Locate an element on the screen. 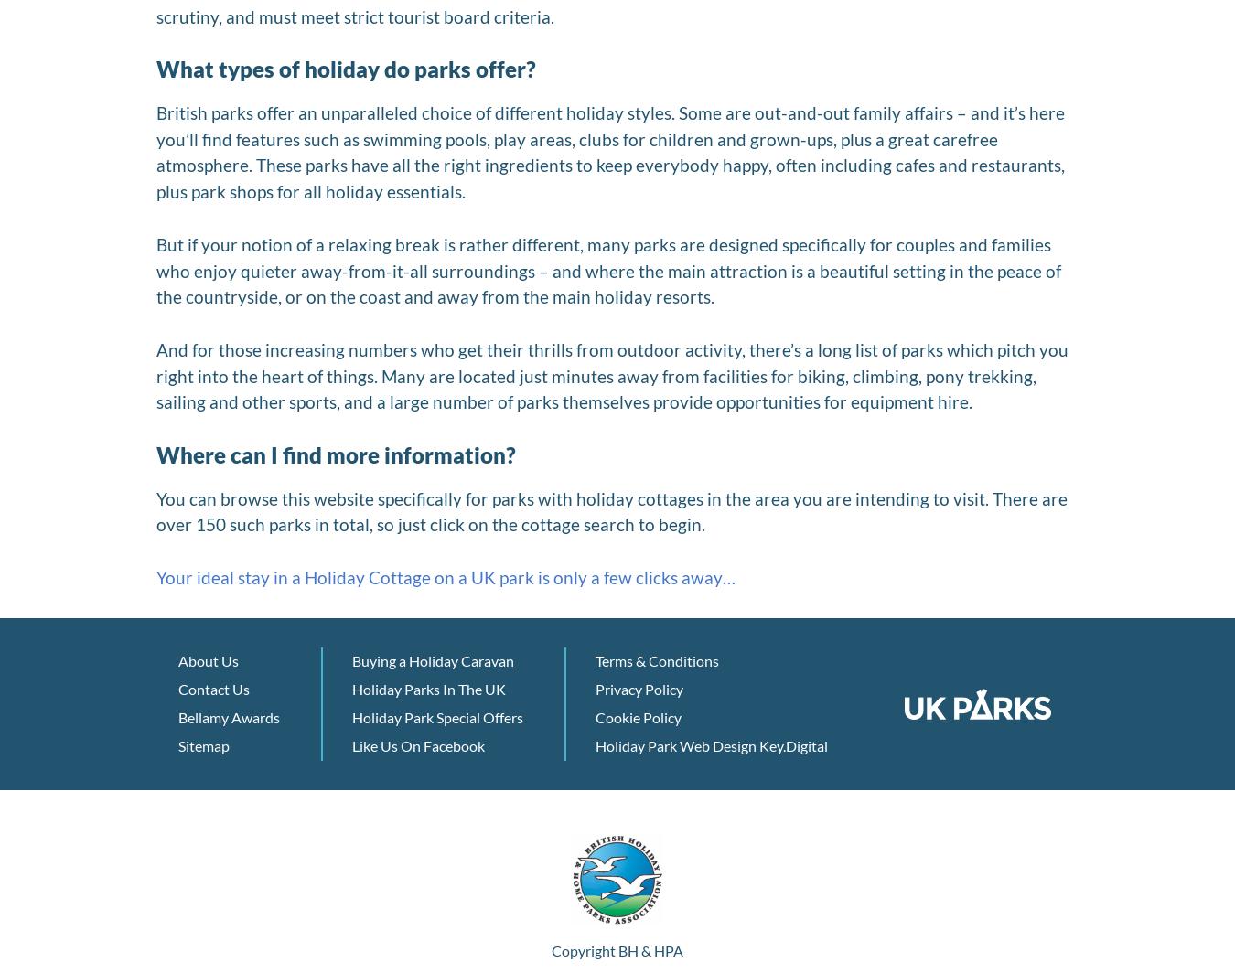  'About Us' is located at coordinates (208, 659).